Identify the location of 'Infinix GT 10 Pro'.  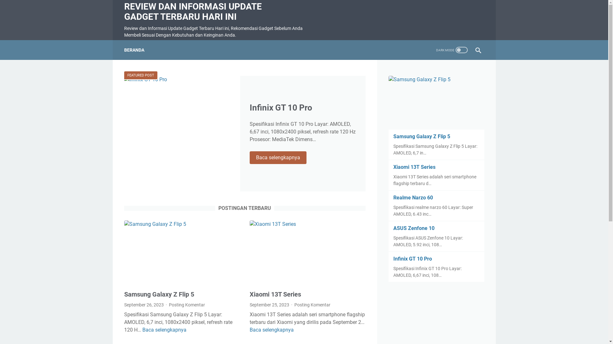
(281, 107).